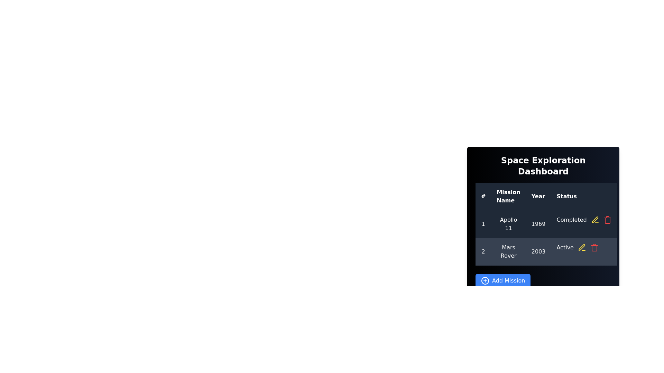 Image resolution: width=664 pixels, height=373 pixels. I want to click on the 'Mars Rover' text label located in the second row under the 'Mission Name' column of the structured data table, so click(508, 252).